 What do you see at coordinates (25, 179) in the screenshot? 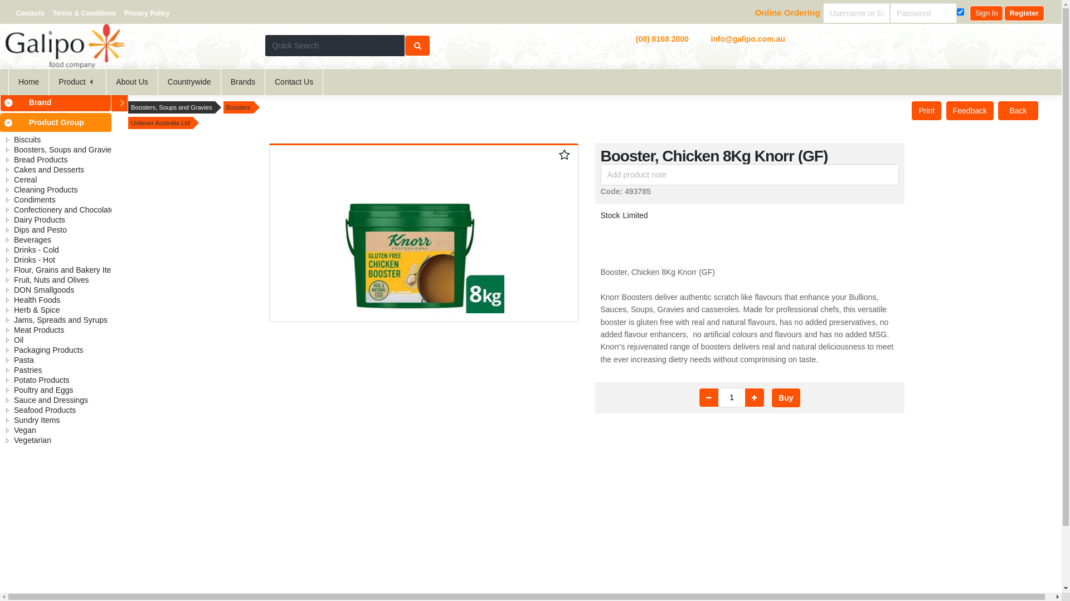
I see `'Cereal'` at bounding box center [25, 179].